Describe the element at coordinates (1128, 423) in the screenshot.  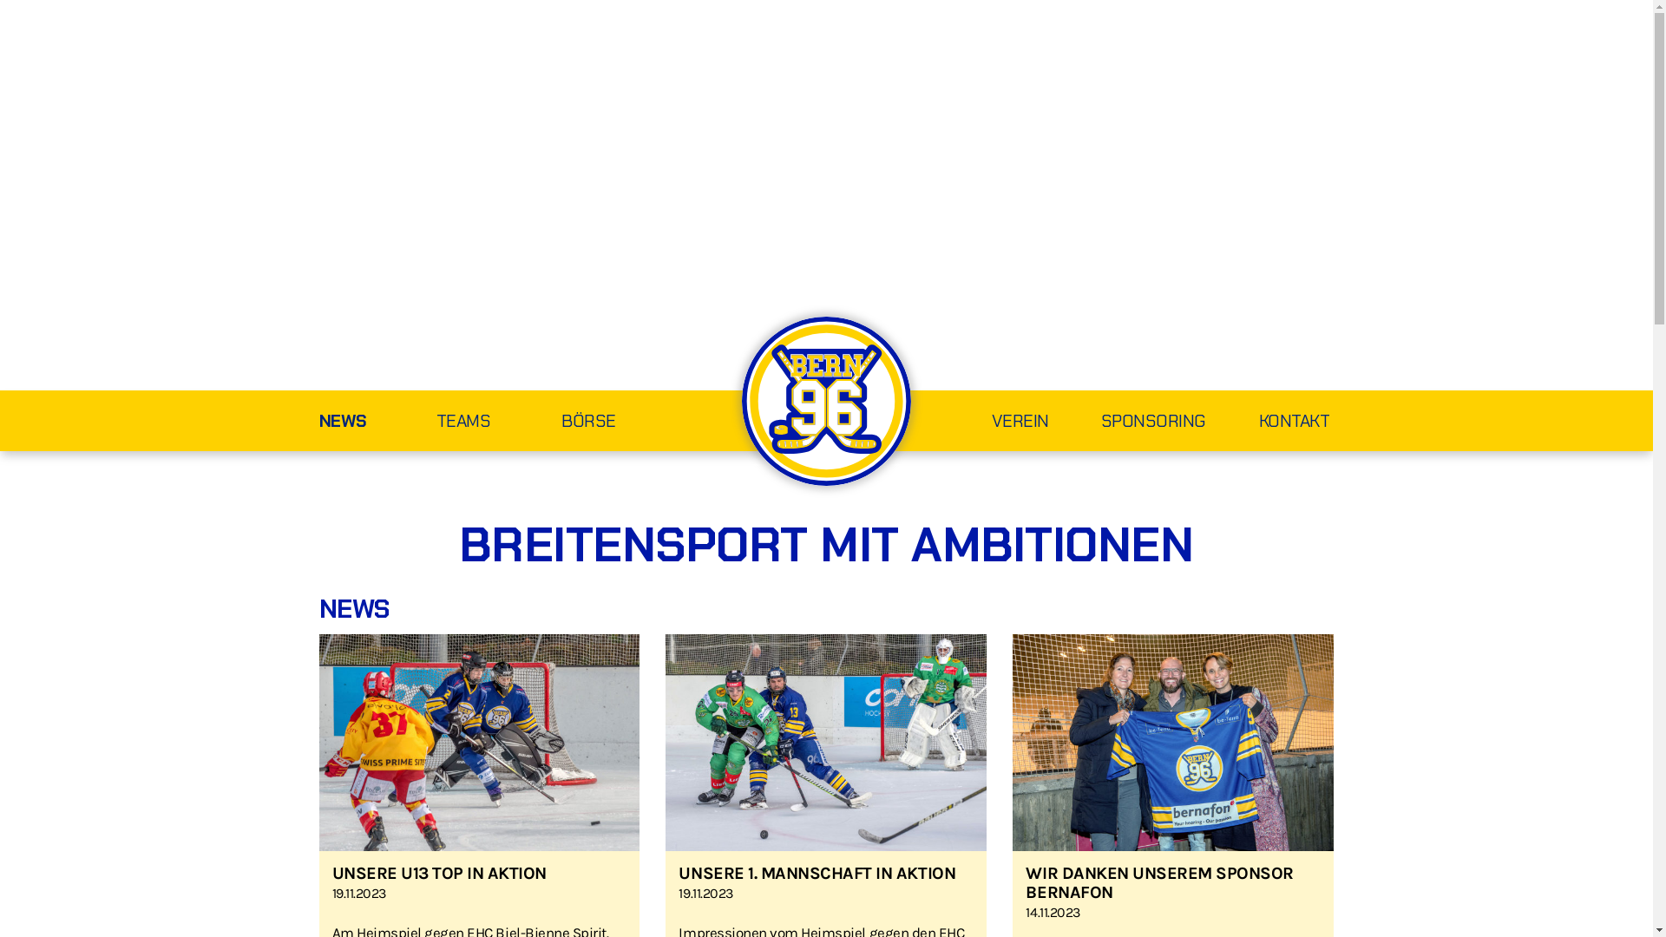
I see `'SPONSORING'` at that location.